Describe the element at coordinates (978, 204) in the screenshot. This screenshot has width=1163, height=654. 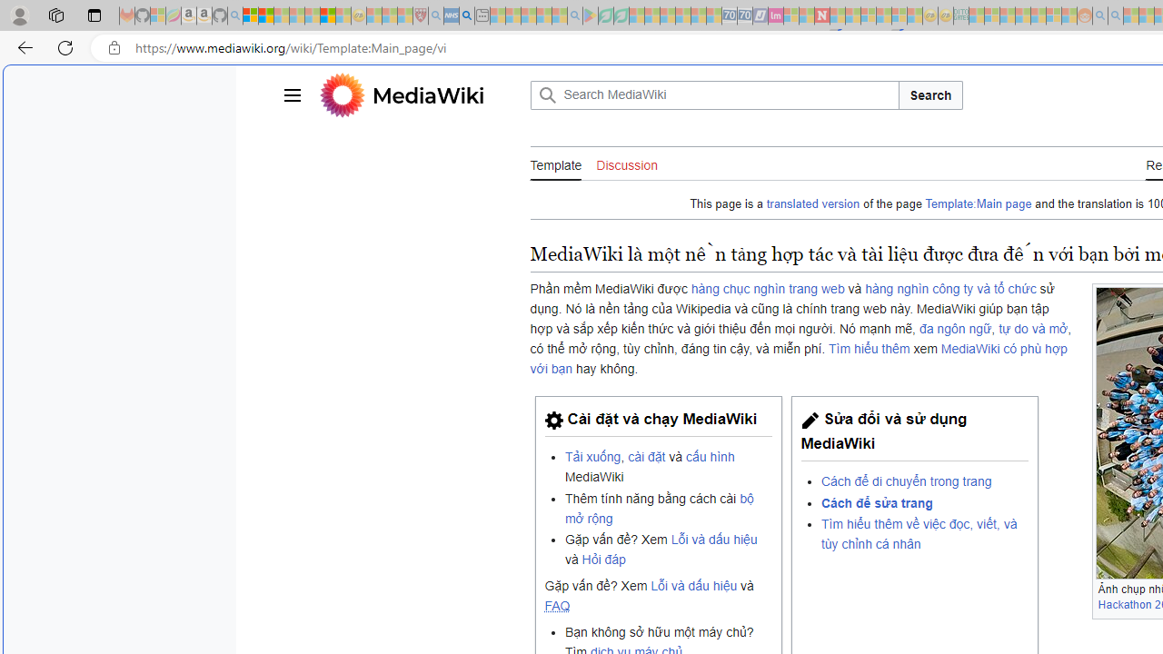
I see `'Template:Main page'` at that location.